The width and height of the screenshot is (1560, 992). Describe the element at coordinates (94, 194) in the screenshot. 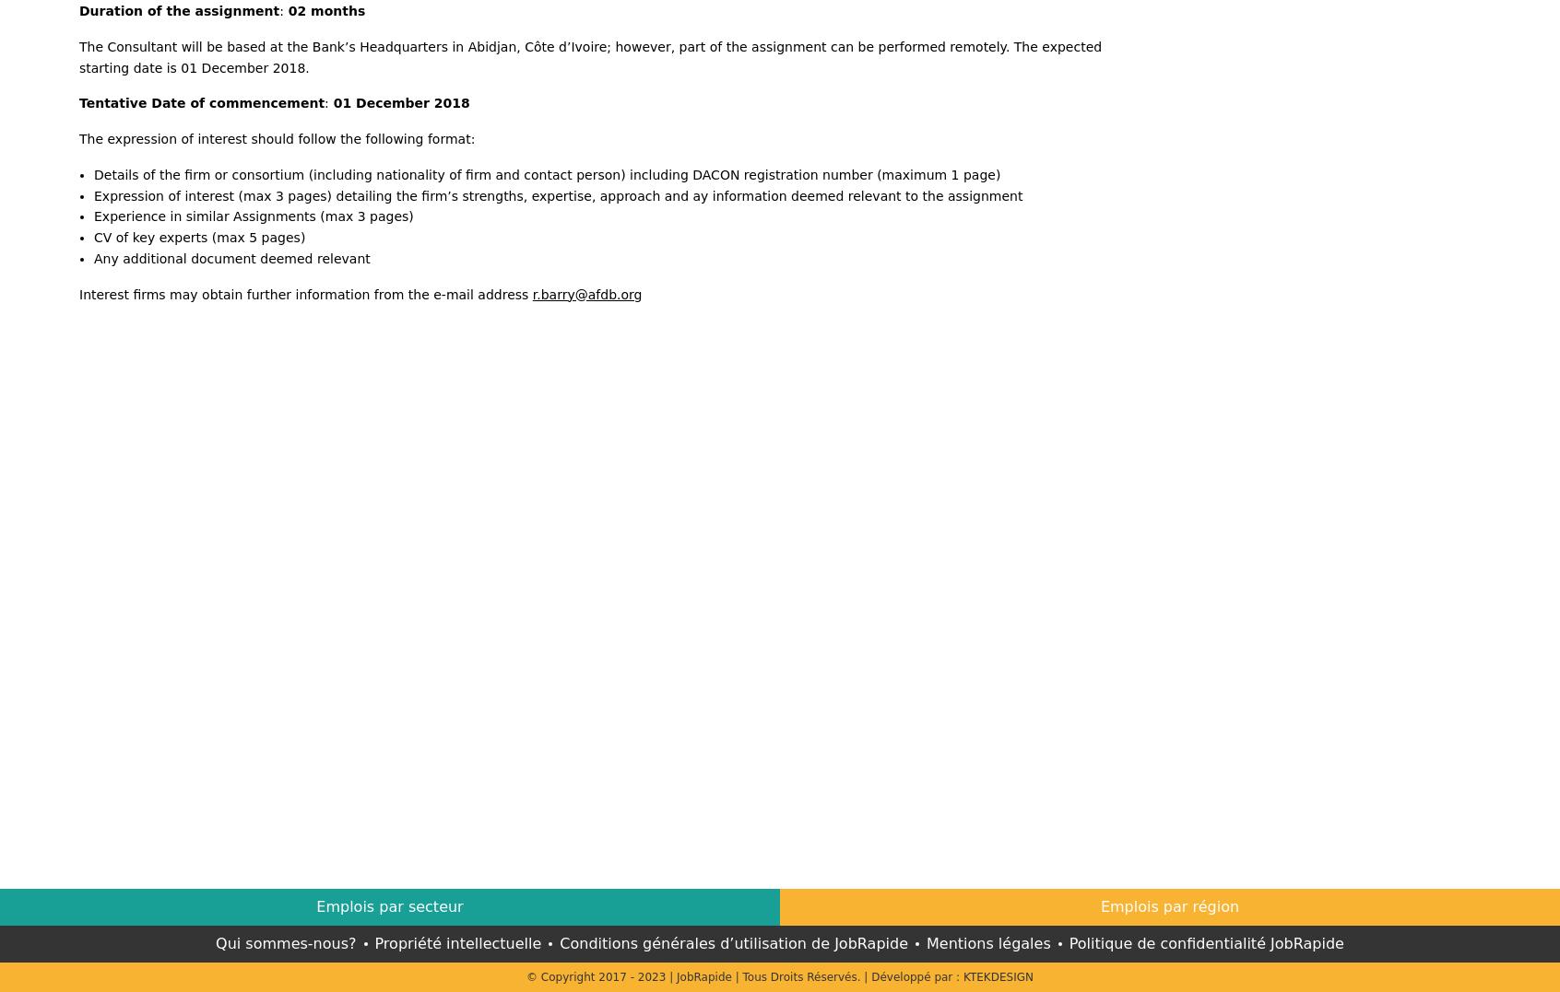

I see `'Expression of interest (max 3 pages) detailing the firm’s strengths, expertise, approach and ay information deemed relevant to the assignment'` at that location.